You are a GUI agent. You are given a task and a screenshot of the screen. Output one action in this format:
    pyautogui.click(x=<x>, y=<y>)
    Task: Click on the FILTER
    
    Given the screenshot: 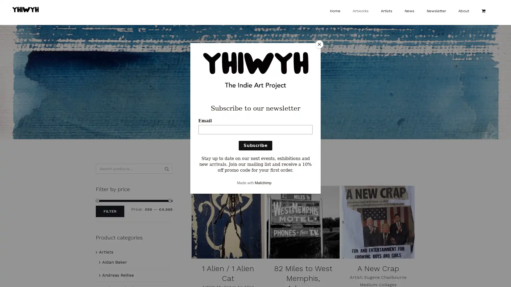 What is the action you would take?
    pyautogui.click(x=110, y=211)
    